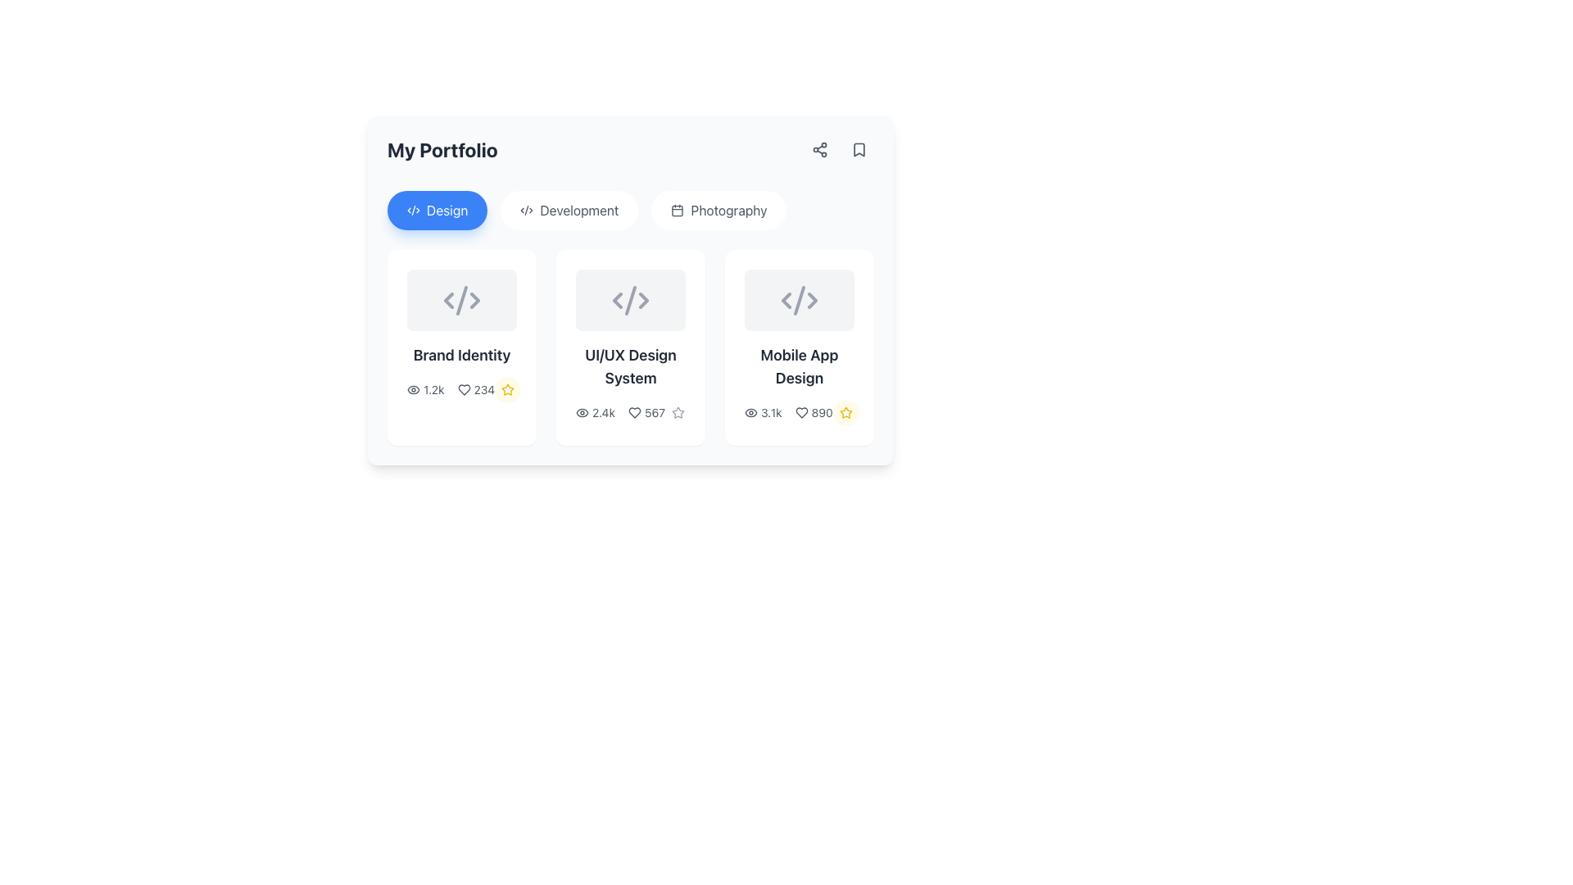  I want to click on the icon representing a coding-related concept located in the center of the 'UI/UX Design System' card, so click(629, 300).